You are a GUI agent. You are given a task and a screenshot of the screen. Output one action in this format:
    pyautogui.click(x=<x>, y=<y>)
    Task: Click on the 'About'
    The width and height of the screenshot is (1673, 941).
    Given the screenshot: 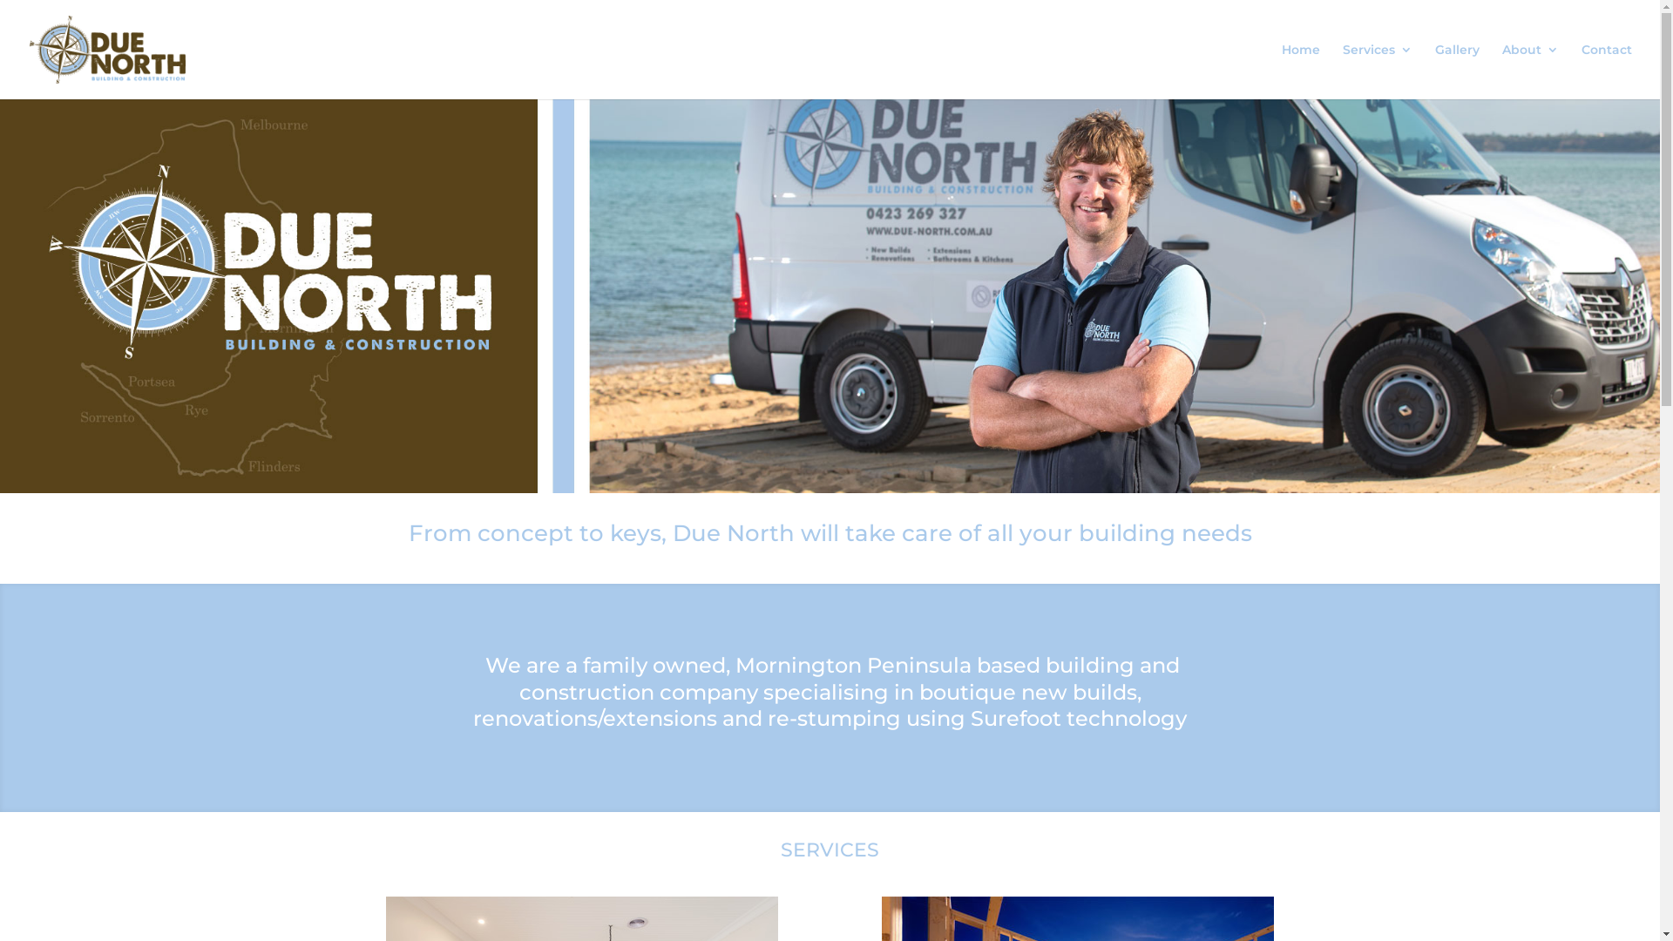 What is the action you would take?
    pyautogui.click(x=1529, y=70)
    